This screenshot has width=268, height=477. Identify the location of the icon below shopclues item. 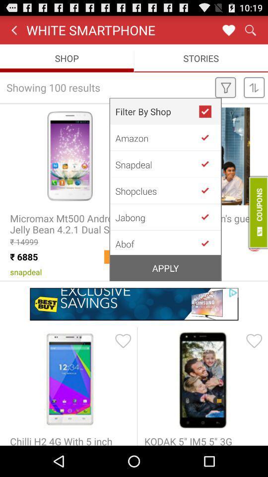
(157, 217).